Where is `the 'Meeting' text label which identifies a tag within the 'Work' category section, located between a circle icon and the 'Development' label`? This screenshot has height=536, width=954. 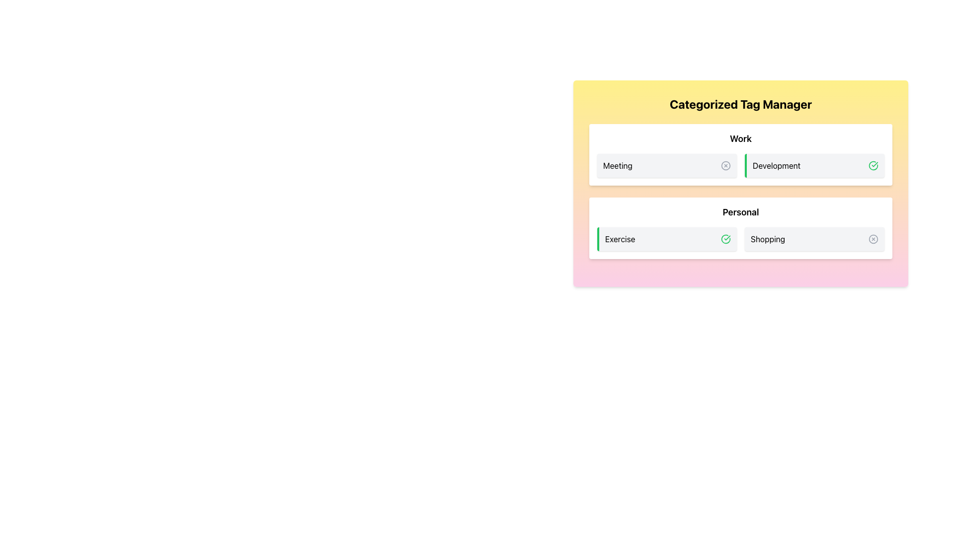 the 'Meeting' text label which identifies a tag within the 'Work' category section, located between a circle icon and the 'Development' label is located at coordinates (617, 165).